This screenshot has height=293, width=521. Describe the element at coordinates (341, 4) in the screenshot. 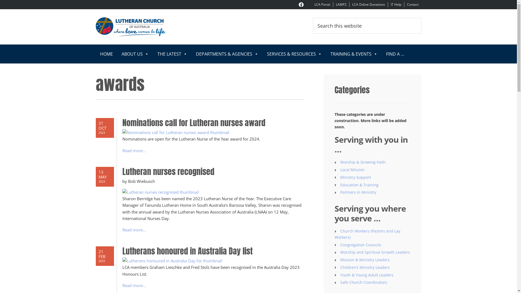

I see `'LAMP2'` at that location.